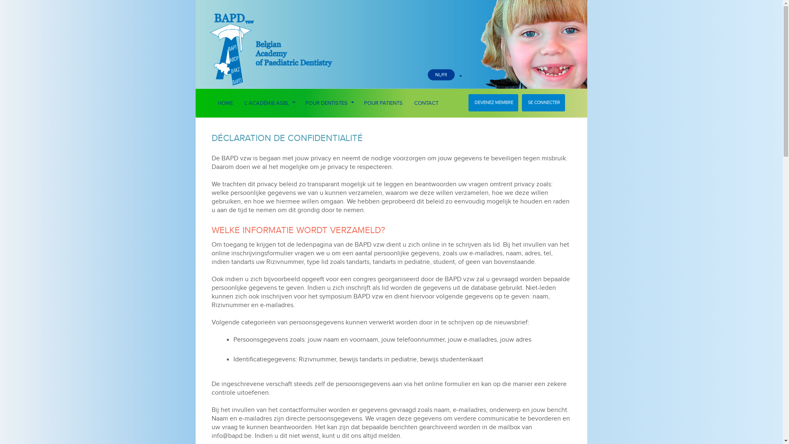 This screenshot has width=789, height=444. I want to click on 'HOME', so click(225, 102).